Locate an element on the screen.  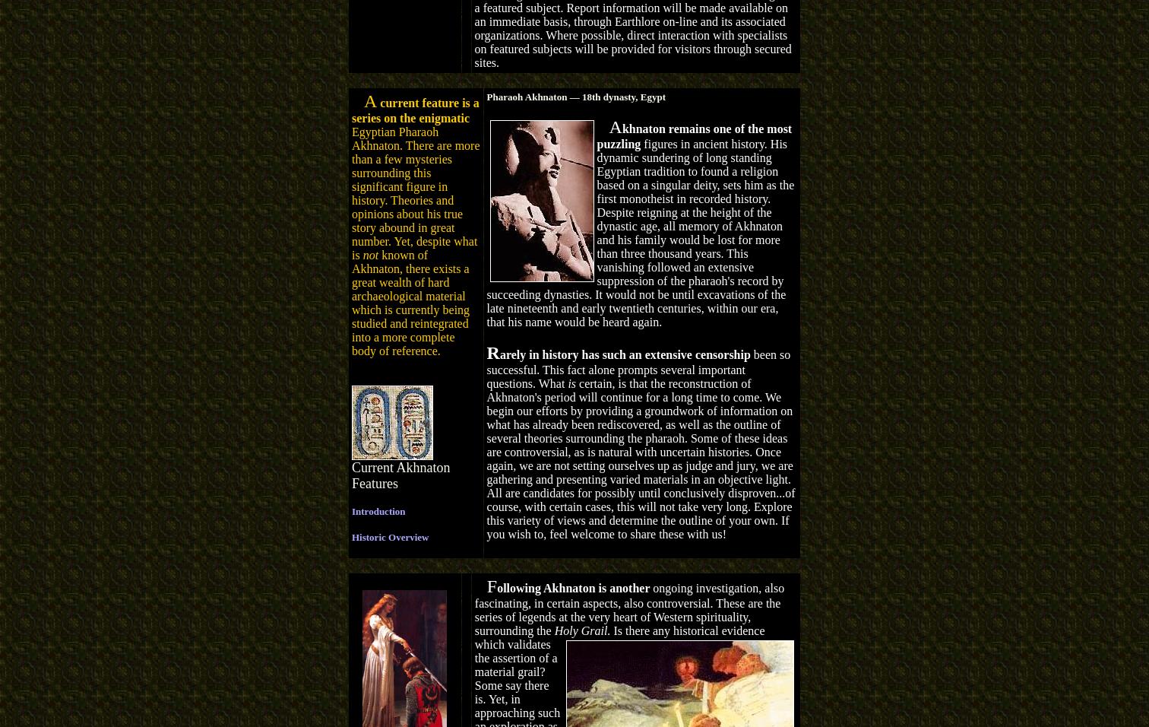
'Current Akhnaton' is located at coordinates (400, 467).